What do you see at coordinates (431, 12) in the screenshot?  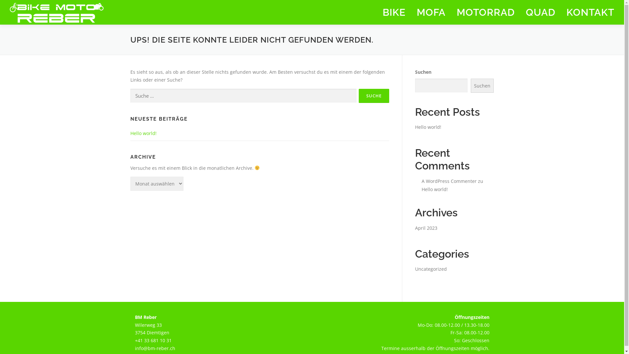 I see `'MOFA'` at bounding box center [431, 12].